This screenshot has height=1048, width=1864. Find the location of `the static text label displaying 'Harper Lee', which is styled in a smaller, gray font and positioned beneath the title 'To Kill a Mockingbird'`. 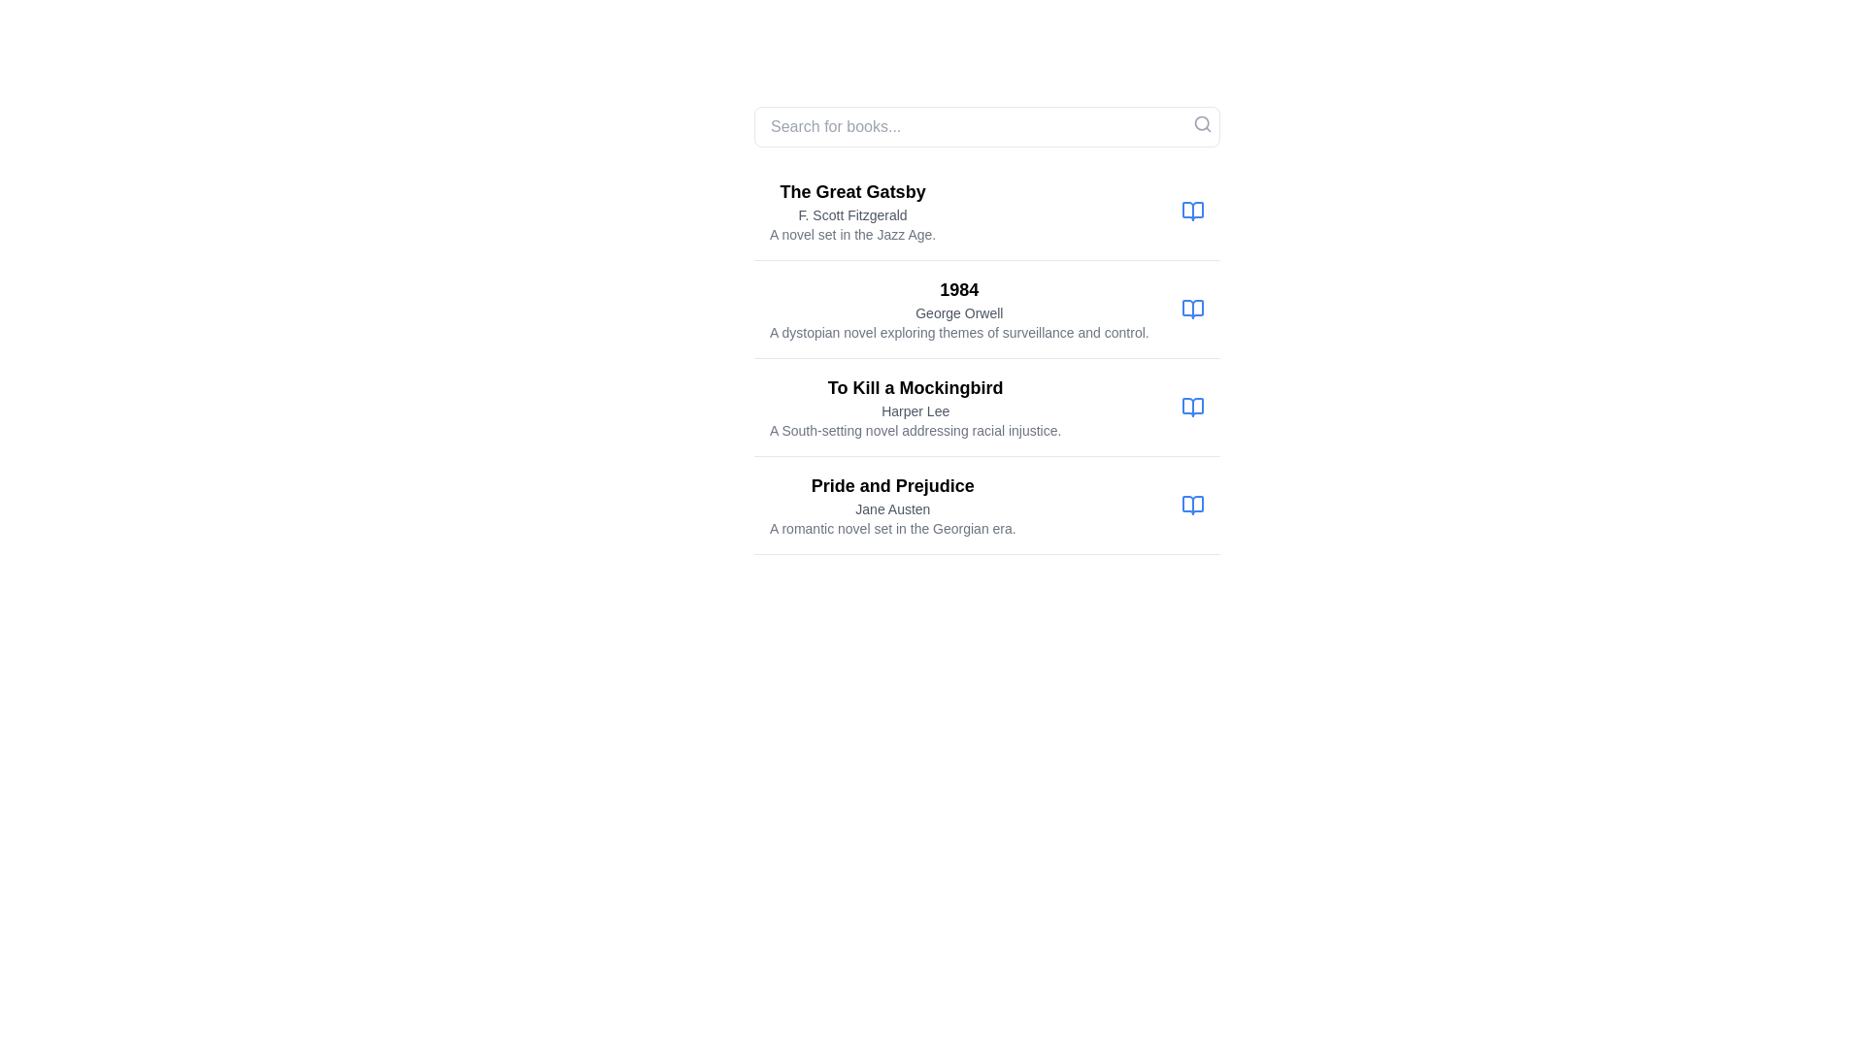

the static text label displaying 'Harper Lee', which is styled in a smaller, gray font and positioned beneath the title 'To Kill a Mockingbird' is located at coordinates (915, 410).